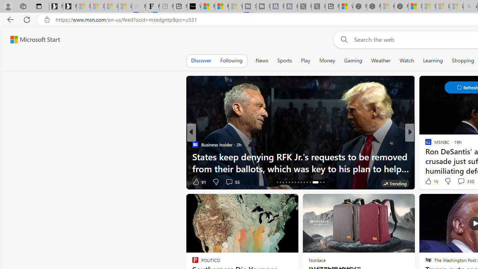  What do you see at coordinates (464, 182) in the screenshot?
I see `'View comments 96 Comment'` at bounding box center [464, 182].